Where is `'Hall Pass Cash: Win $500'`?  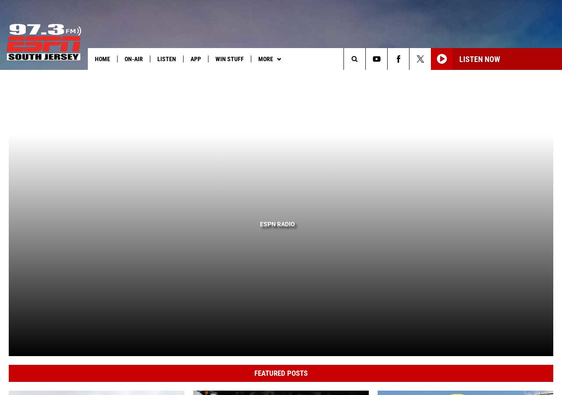
'Hall Pass Cash: Win $500' is located at coordinates (51, 77).